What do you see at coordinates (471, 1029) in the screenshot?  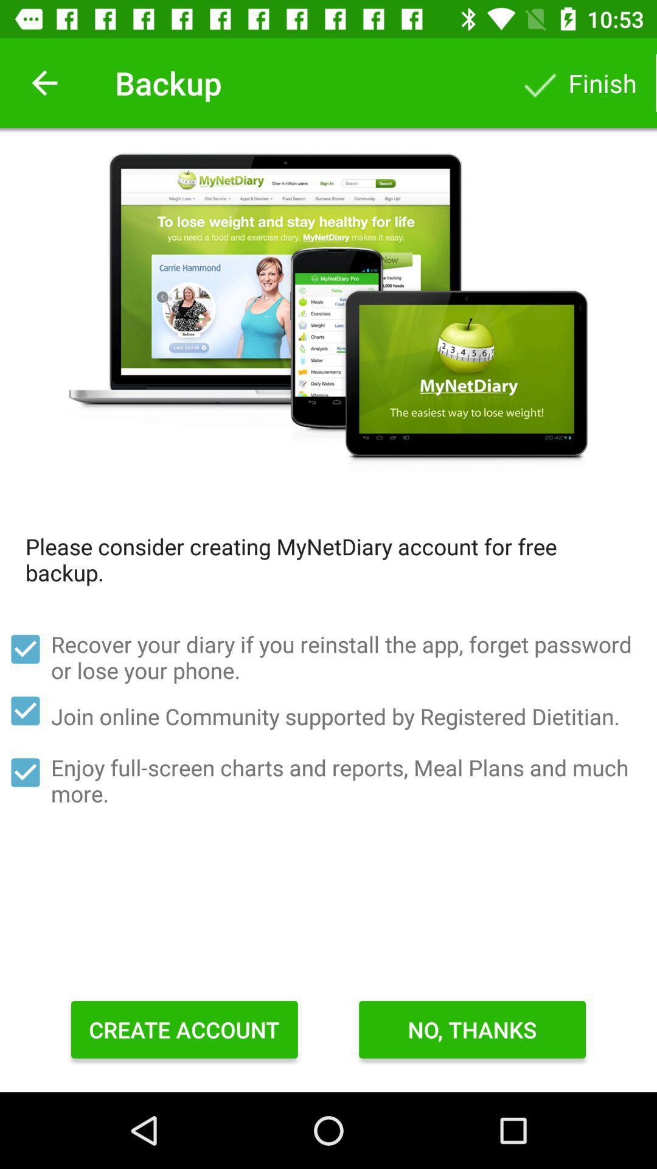 I see `item below the enjoy full screen item` at bounding box center [471, 1029].